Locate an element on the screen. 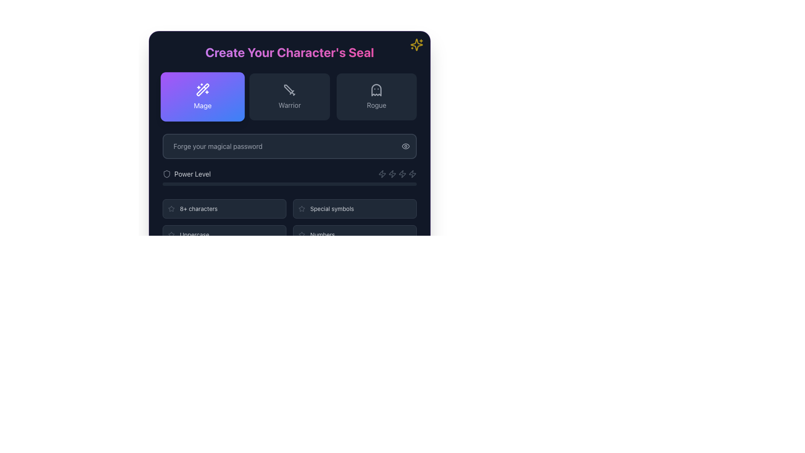 The width and height of the screenshot is (805, 453). the small SVG lightning bolt icon with a gray stroke, located among other similar icons in the bottom-right section of the interface is located at coordinates (392, 174).